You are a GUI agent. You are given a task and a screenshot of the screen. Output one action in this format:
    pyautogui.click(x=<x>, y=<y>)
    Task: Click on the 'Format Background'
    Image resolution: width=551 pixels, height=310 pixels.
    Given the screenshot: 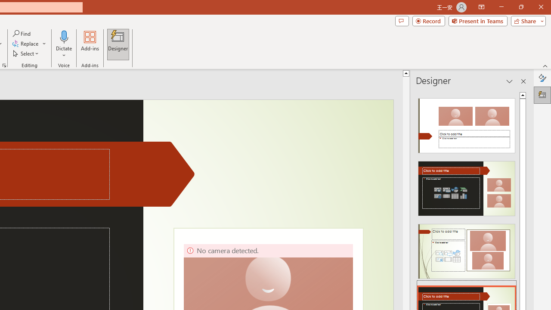 What is the action you would take?
    pyautogui.click(x=542, y=78)
    